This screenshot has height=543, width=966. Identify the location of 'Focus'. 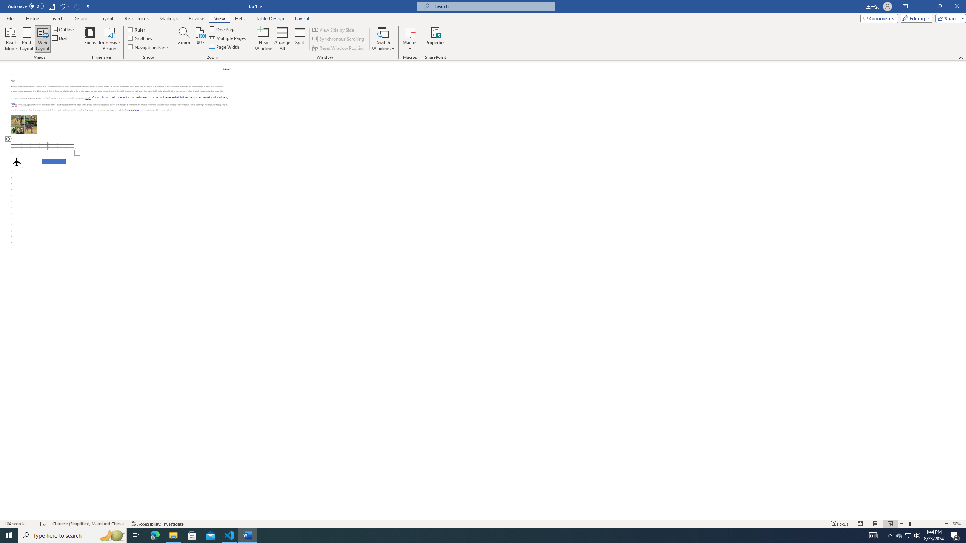
(90, 39).